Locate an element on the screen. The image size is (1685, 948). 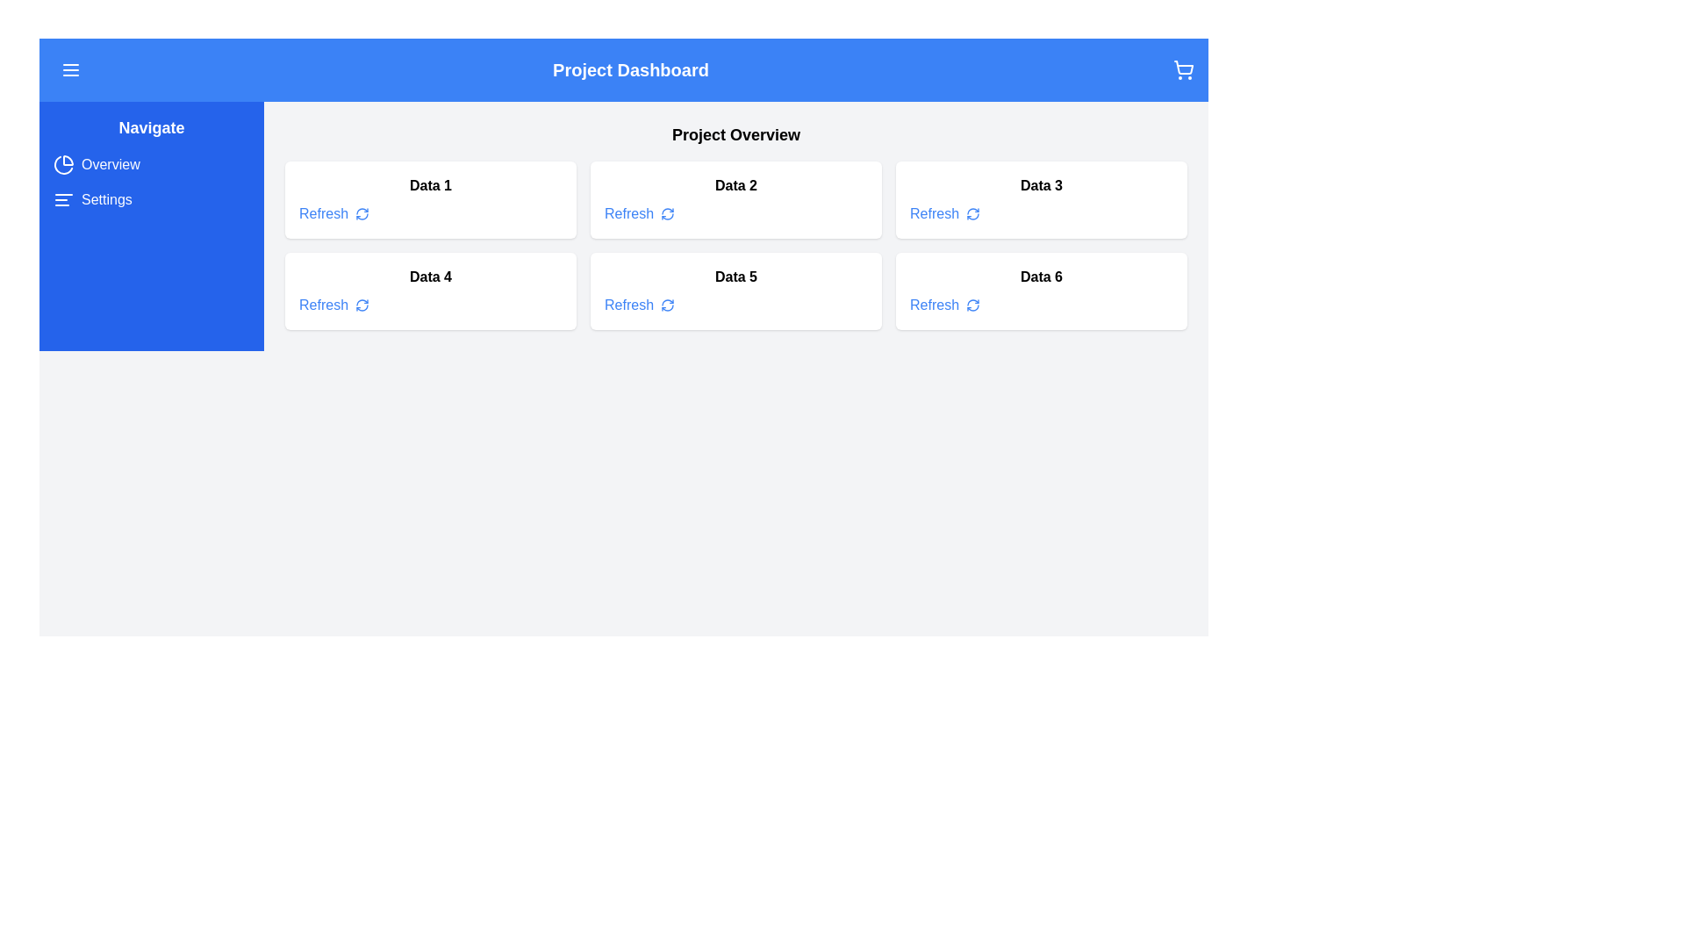
the 'Settings' text label in white font located within the blue background of the sidebar navigation menu is located at coordinates (105, 198).